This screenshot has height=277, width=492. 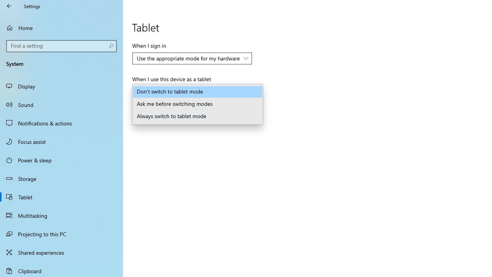 What do you see at coordinates (61, 215) in the screenshot?
I see `'Multitasking'` at bounding box center [61, 215].